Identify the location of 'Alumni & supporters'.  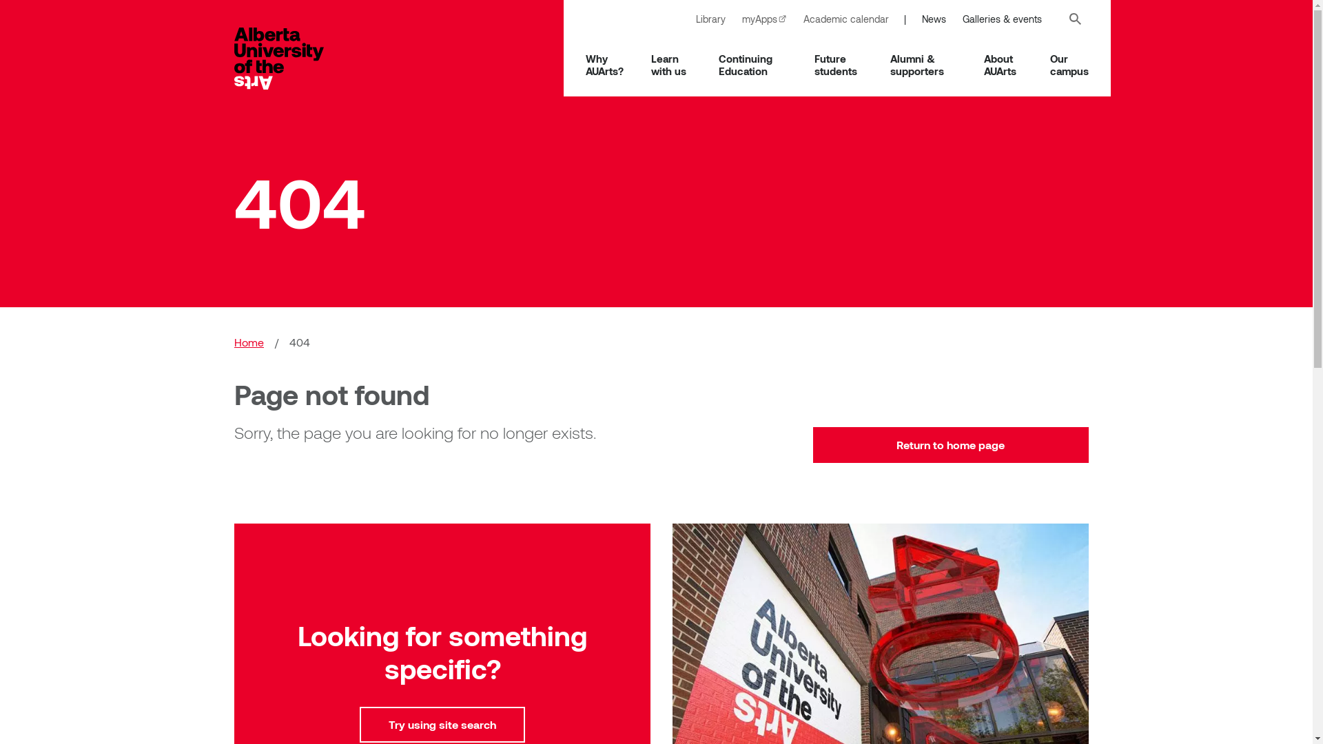
(923, 64).